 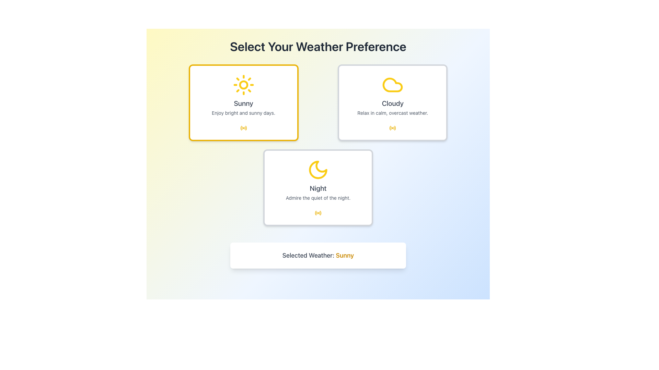 I want to click on the decorative graphical element of the cloud-shaped icon within the 'Cloudy' card located at the top-right of the layout, so click(x=395, y=128).